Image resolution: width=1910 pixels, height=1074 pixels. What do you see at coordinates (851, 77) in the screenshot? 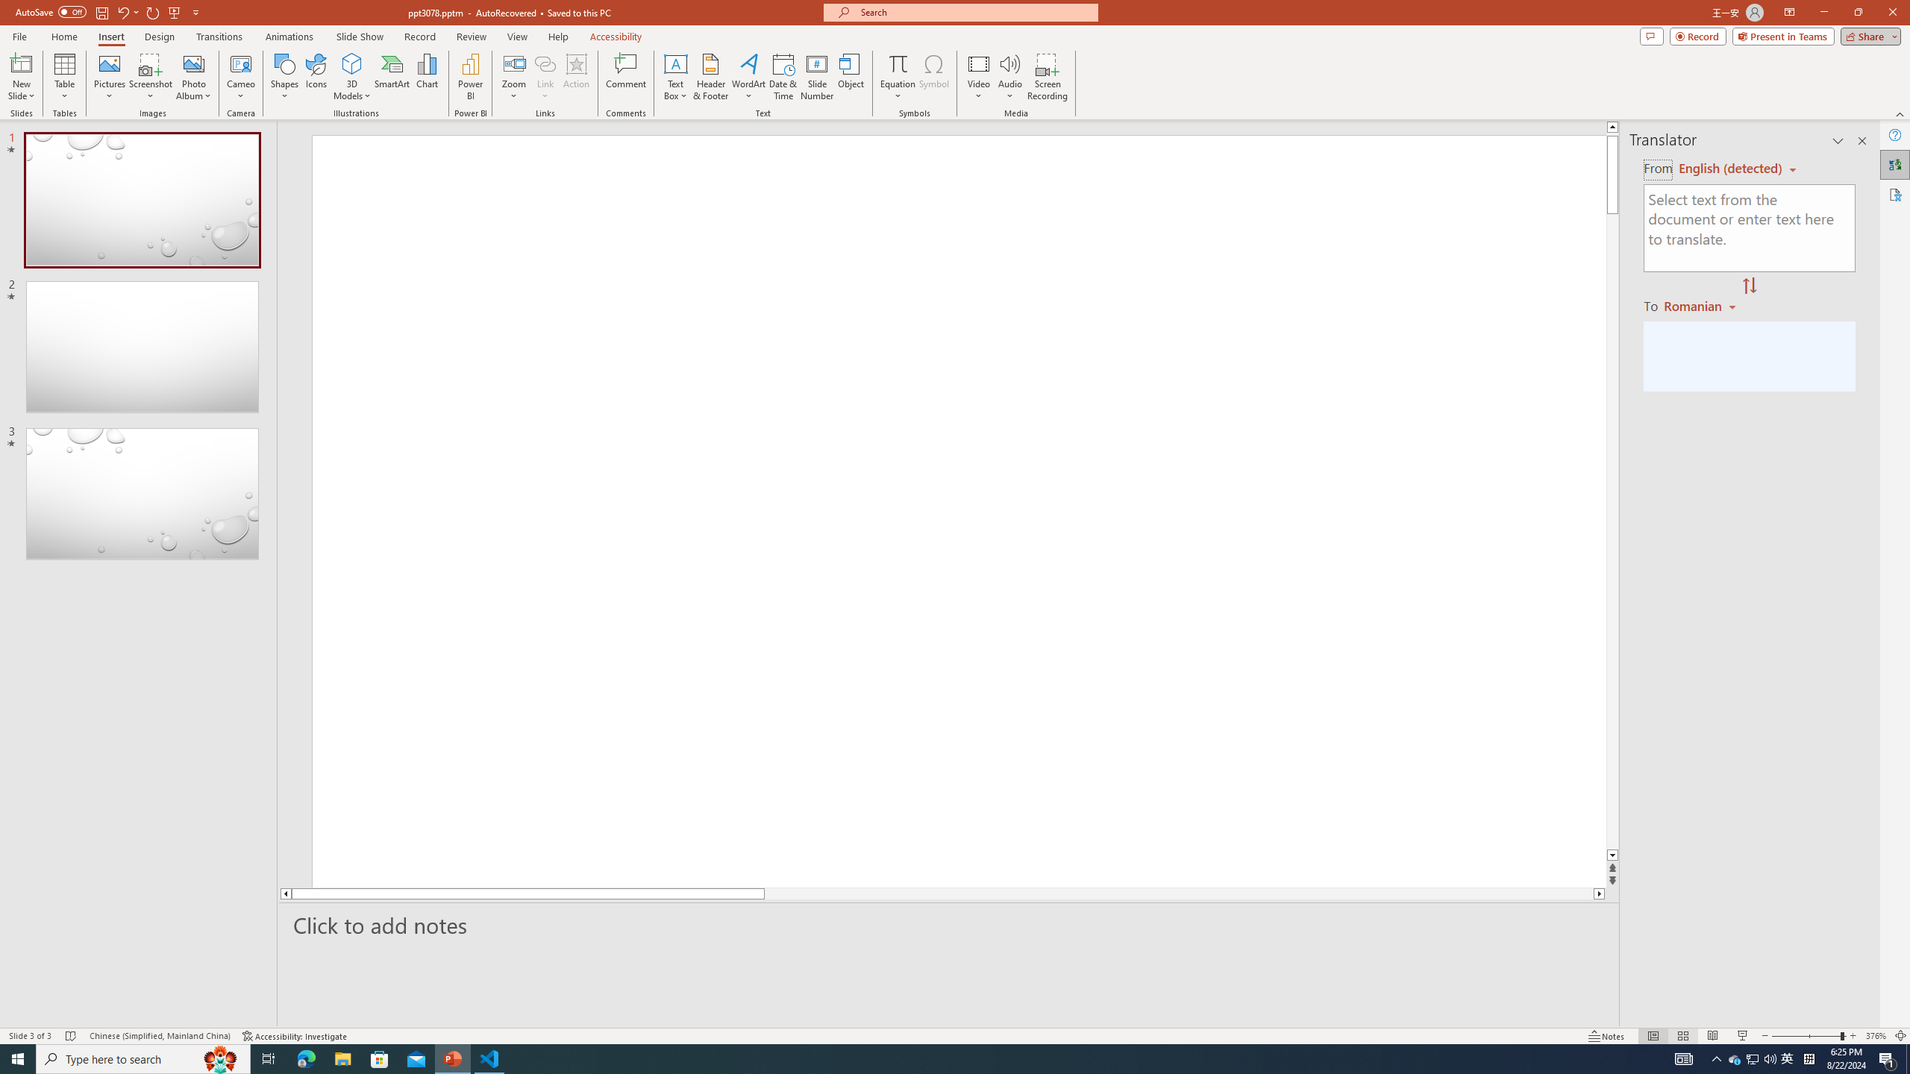
I see `'Object...'` at bounding box center [851, 77].